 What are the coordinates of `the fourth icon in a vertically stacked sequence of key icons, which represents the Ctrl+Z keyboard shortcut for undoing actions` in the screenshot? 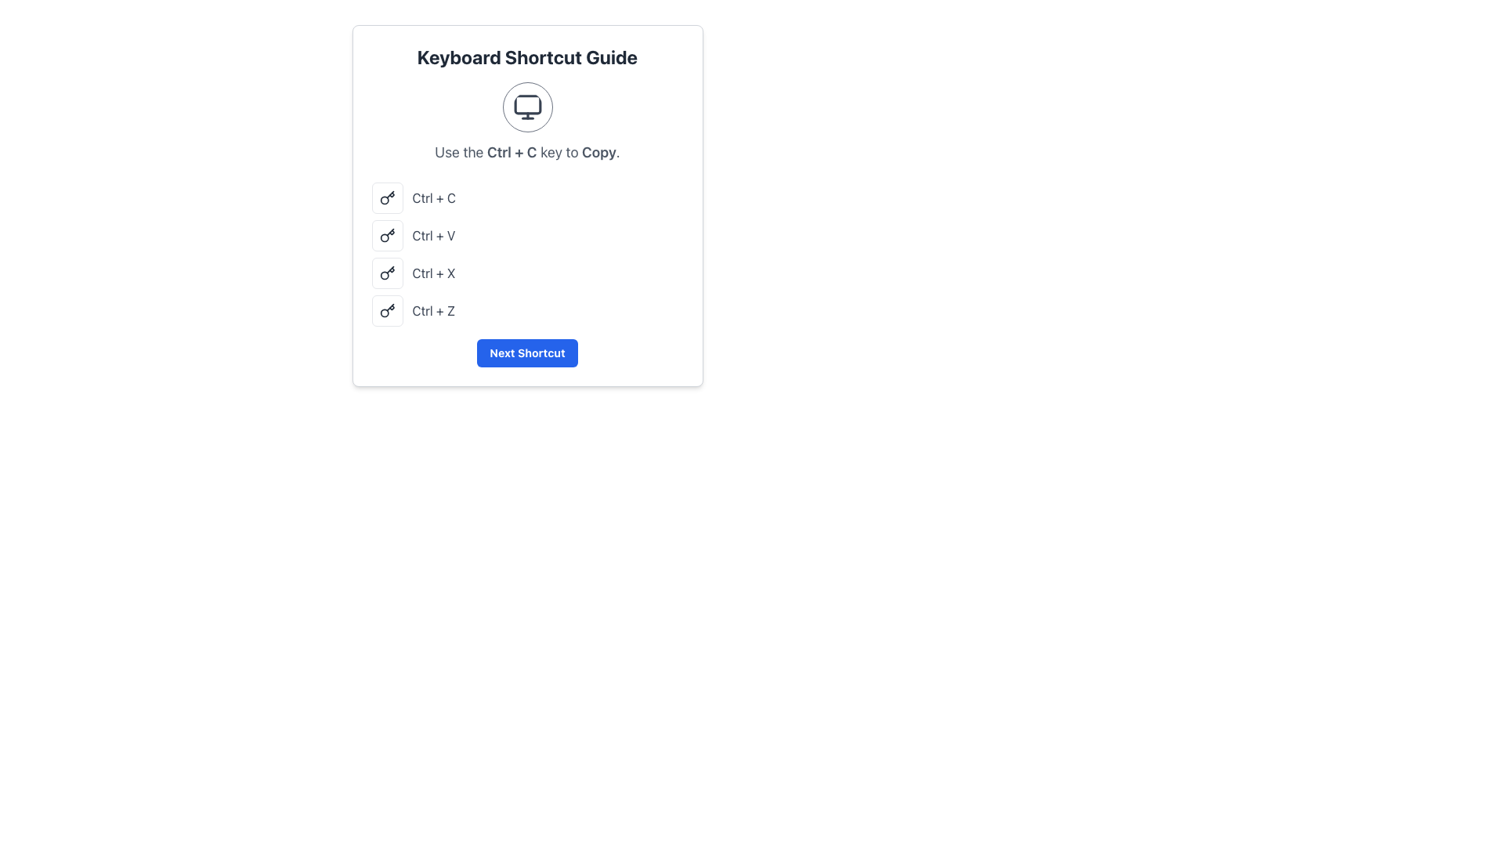 It's located at (387, 311).